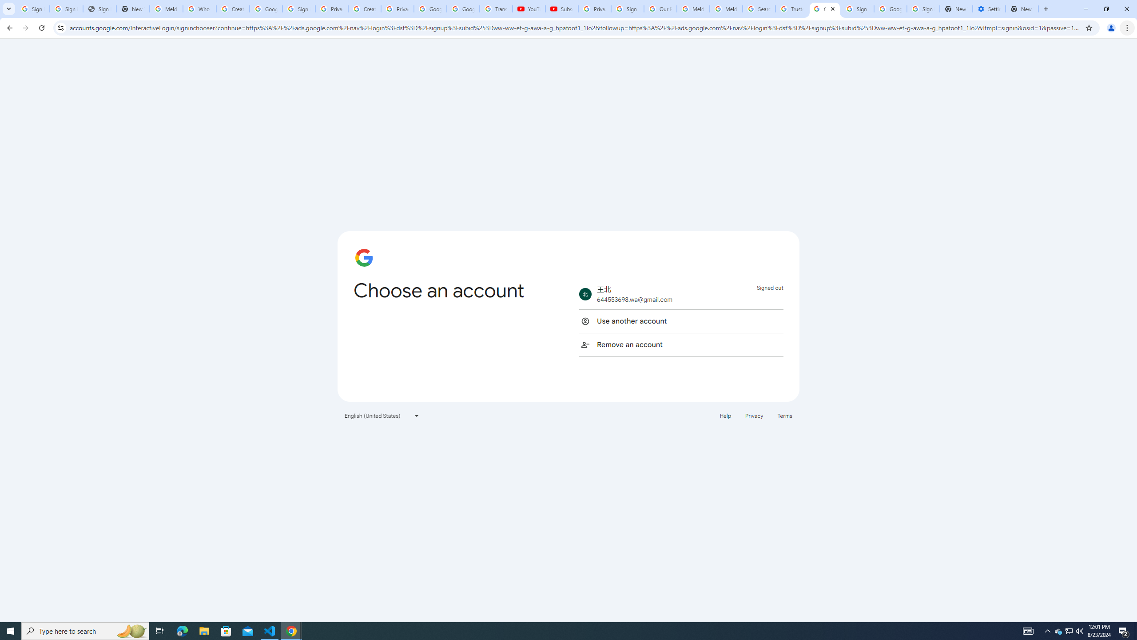 The width and height of the screenshot is (1137, 640). Describe the element at coordinates (759, 8) in the screenshot. I see `'Search our Doodle Library Collection - Google Doodles'` at that location.